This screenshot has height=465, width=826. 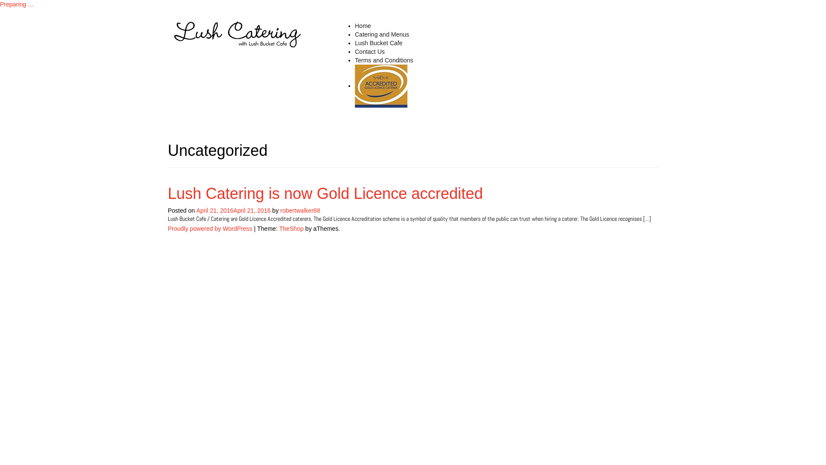 What do you see at coordinates (167, 228) in the screenshot?
I see `'Proudly powered by WordPress'` at bounding box center [167, 228].